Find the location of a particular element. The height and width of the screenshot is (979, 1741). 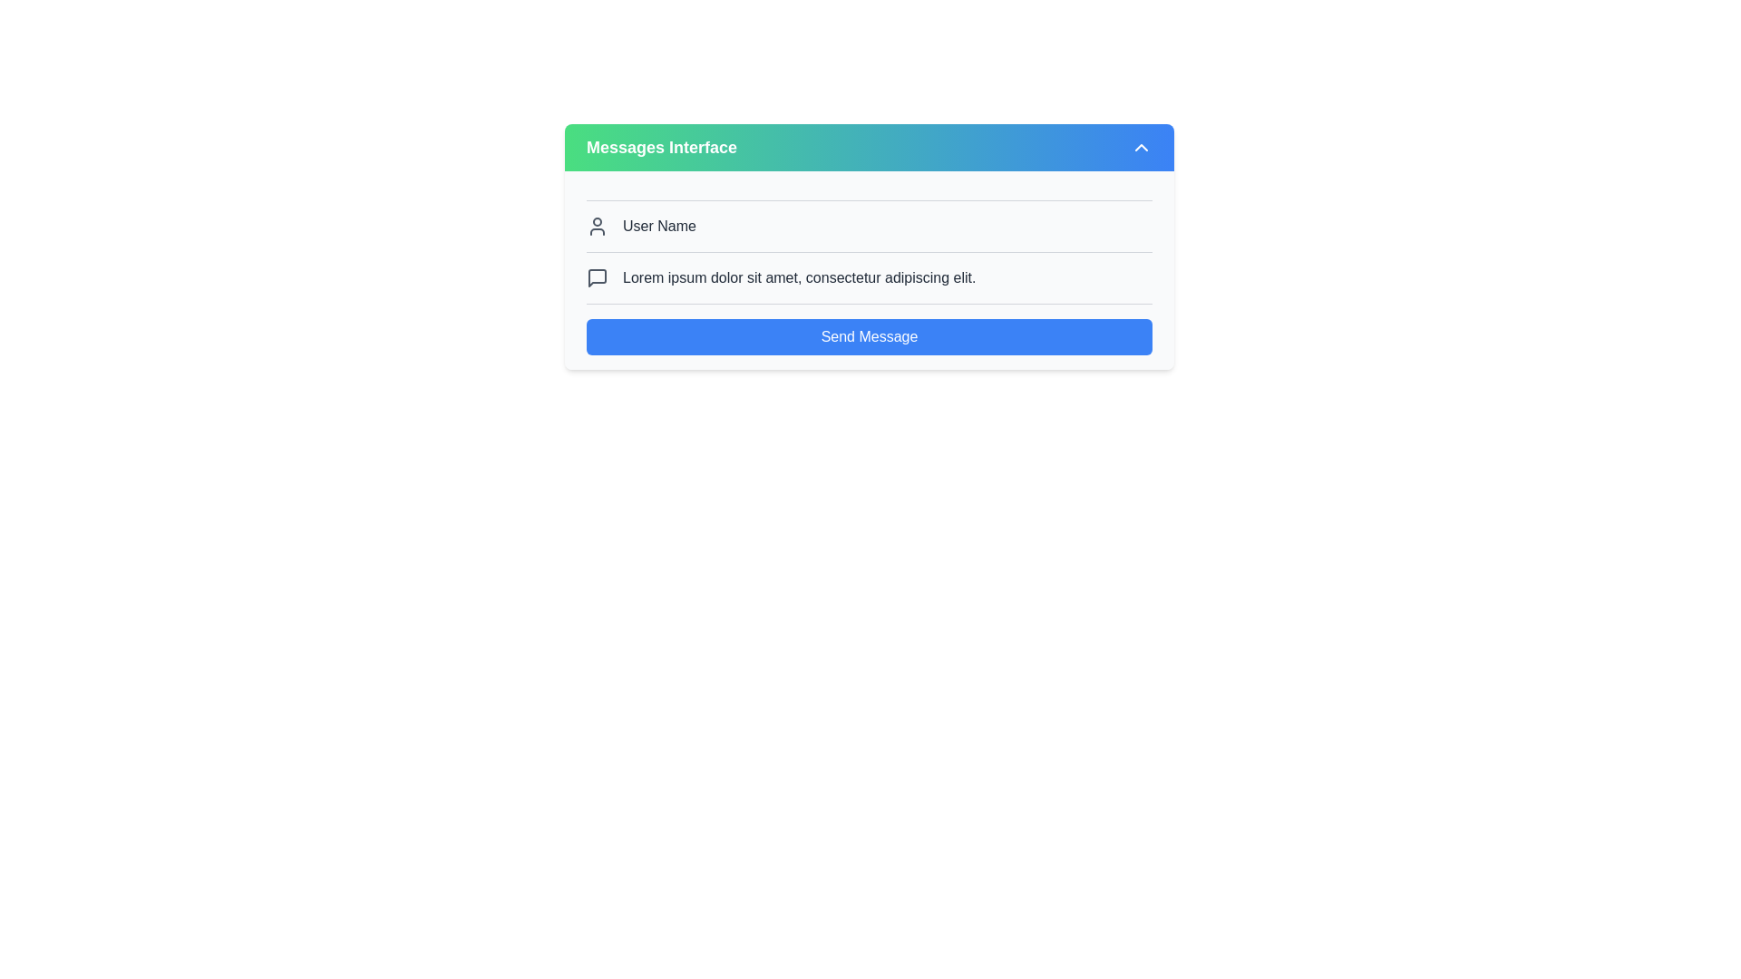

the blue button labeled 'Send Message' for keyboard navigation, located at the bottom of the user panel interface is located at coordinates (869, 336).